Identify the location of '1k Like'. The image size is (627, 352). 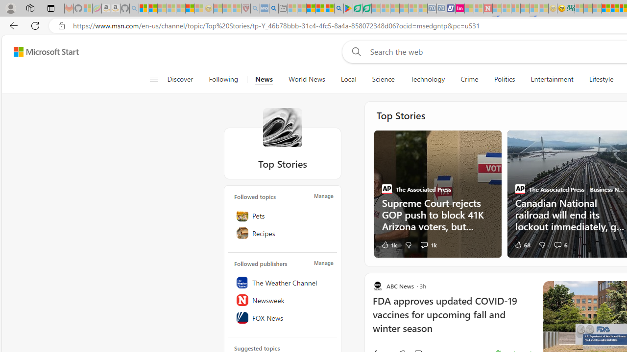
(388, 244).